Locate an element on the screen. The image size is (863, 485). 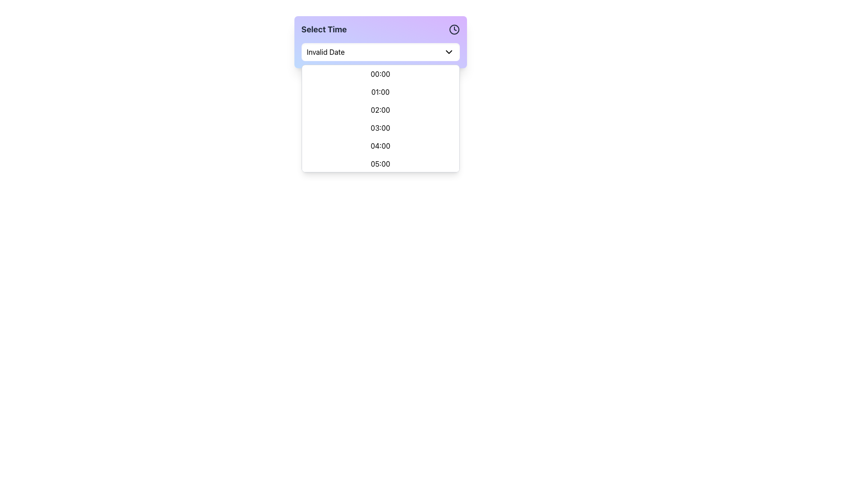
the circular boundary of the clock icon located in the top-right corner of the 'Select Time' panel is located at coordinates (454, 29).